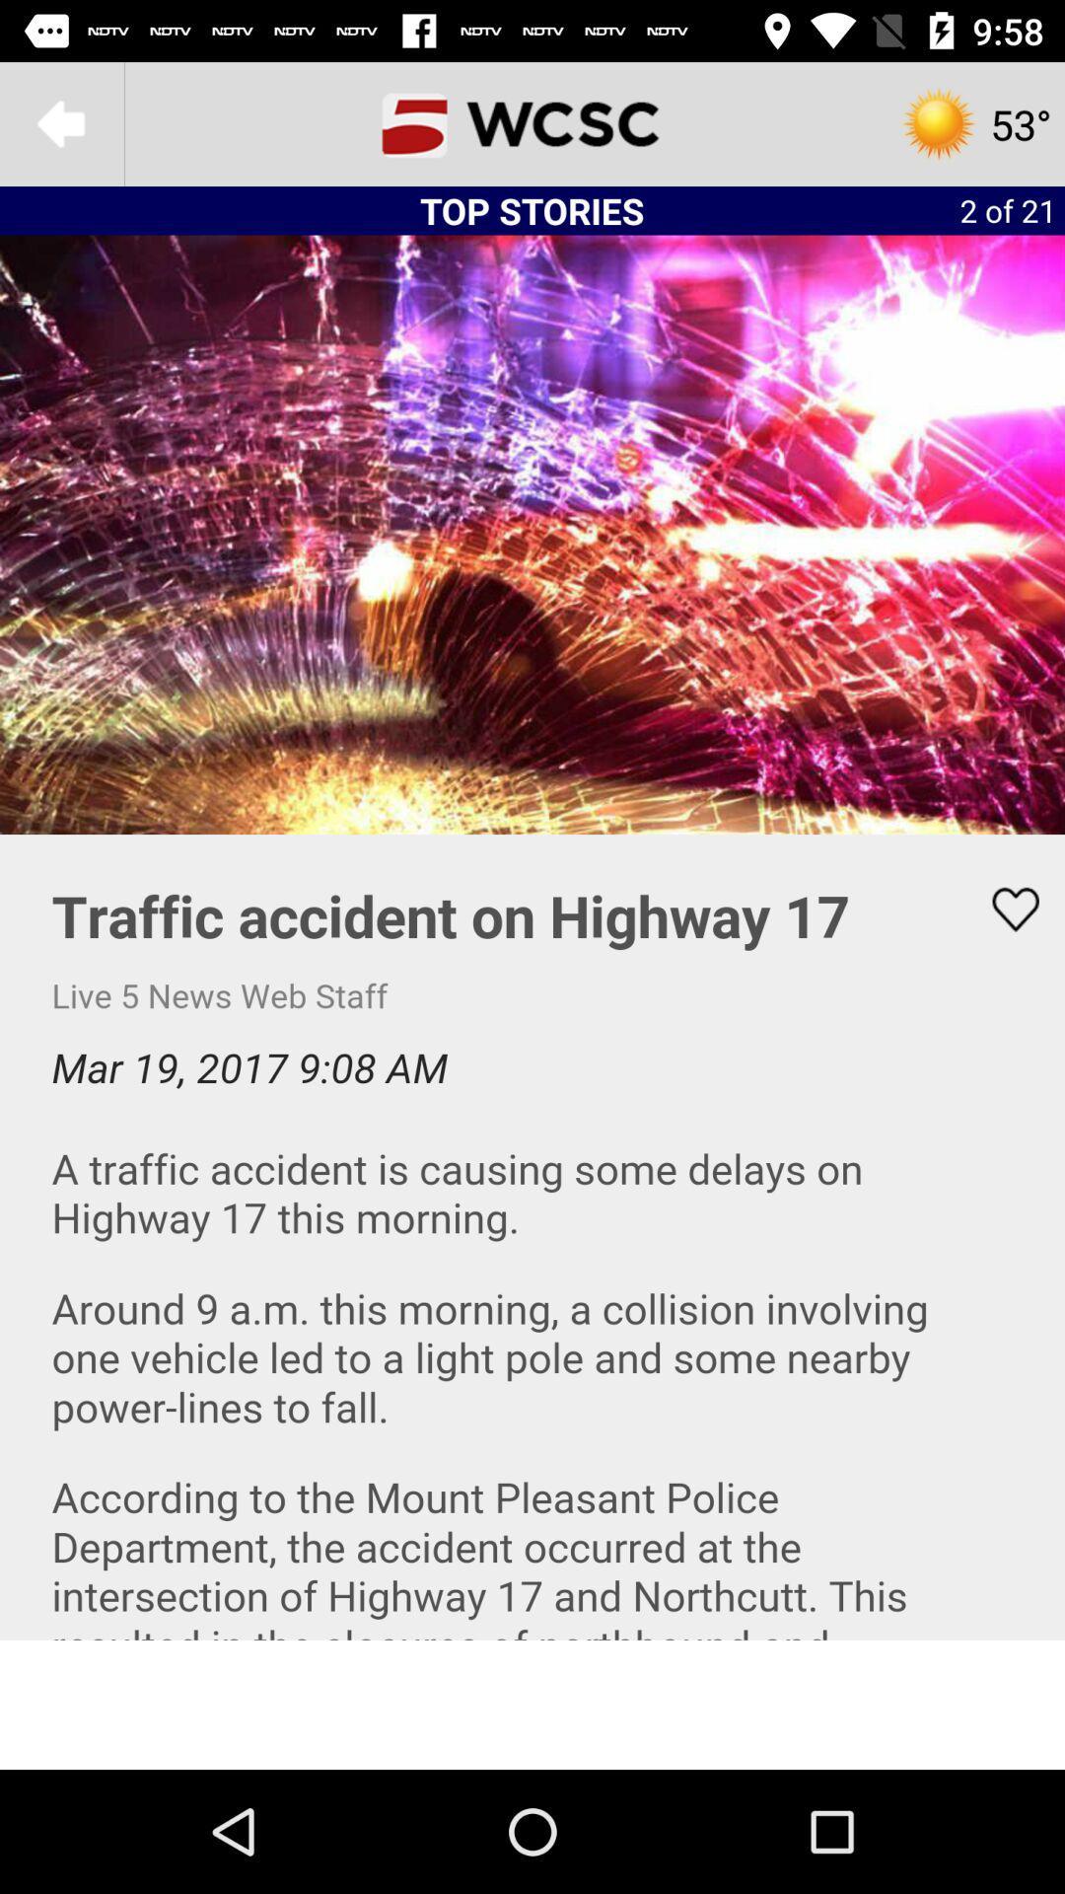  I want to click on like button, so click(1003, 909).